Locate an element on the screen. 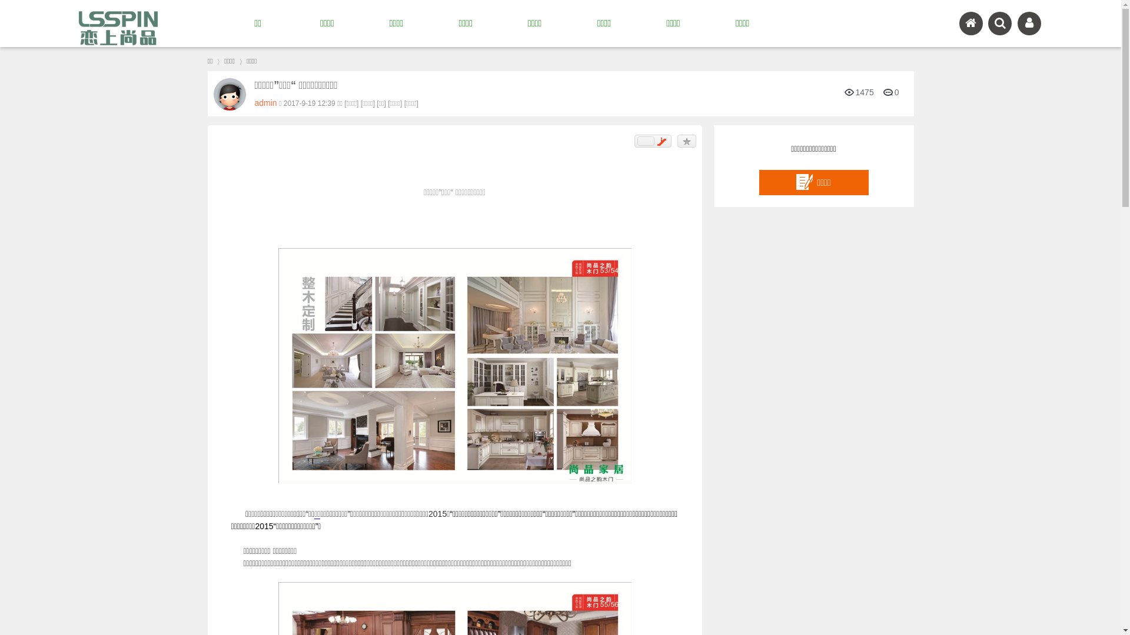  'admin' is located at coordinates (265, 102).